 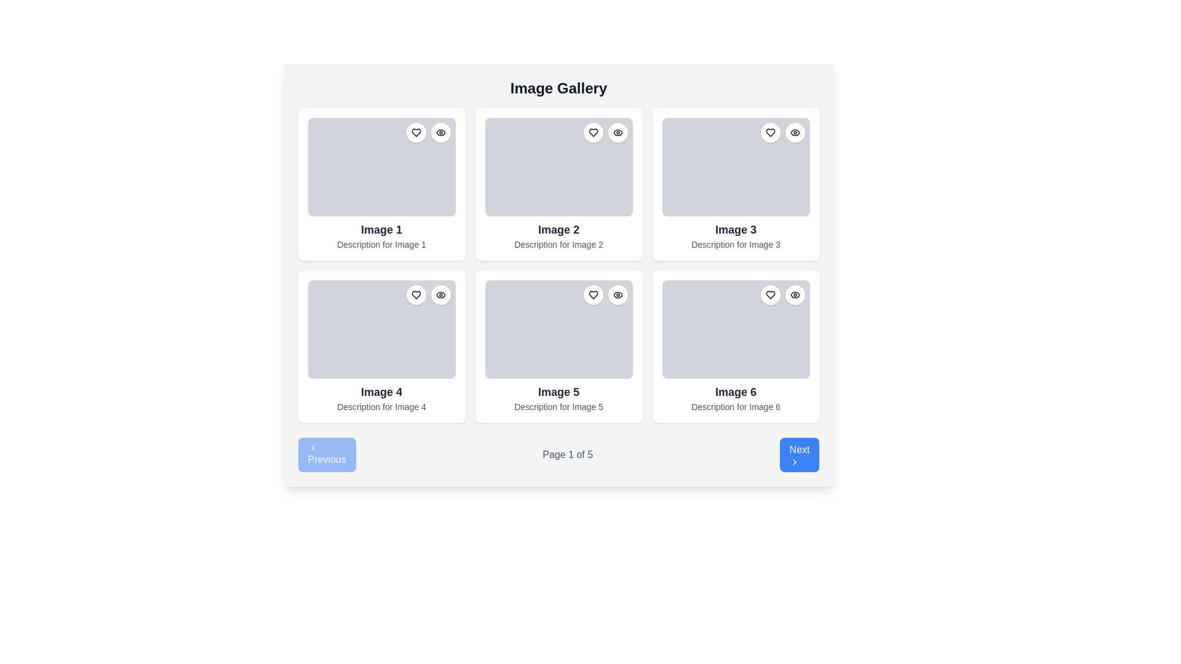 What do you see at coordinates (618, 133) in the screenshot?
I see `the eye-shaped icon button located in the top-right corner of the 'Image 2' tile` at bounding box center [618, 133].